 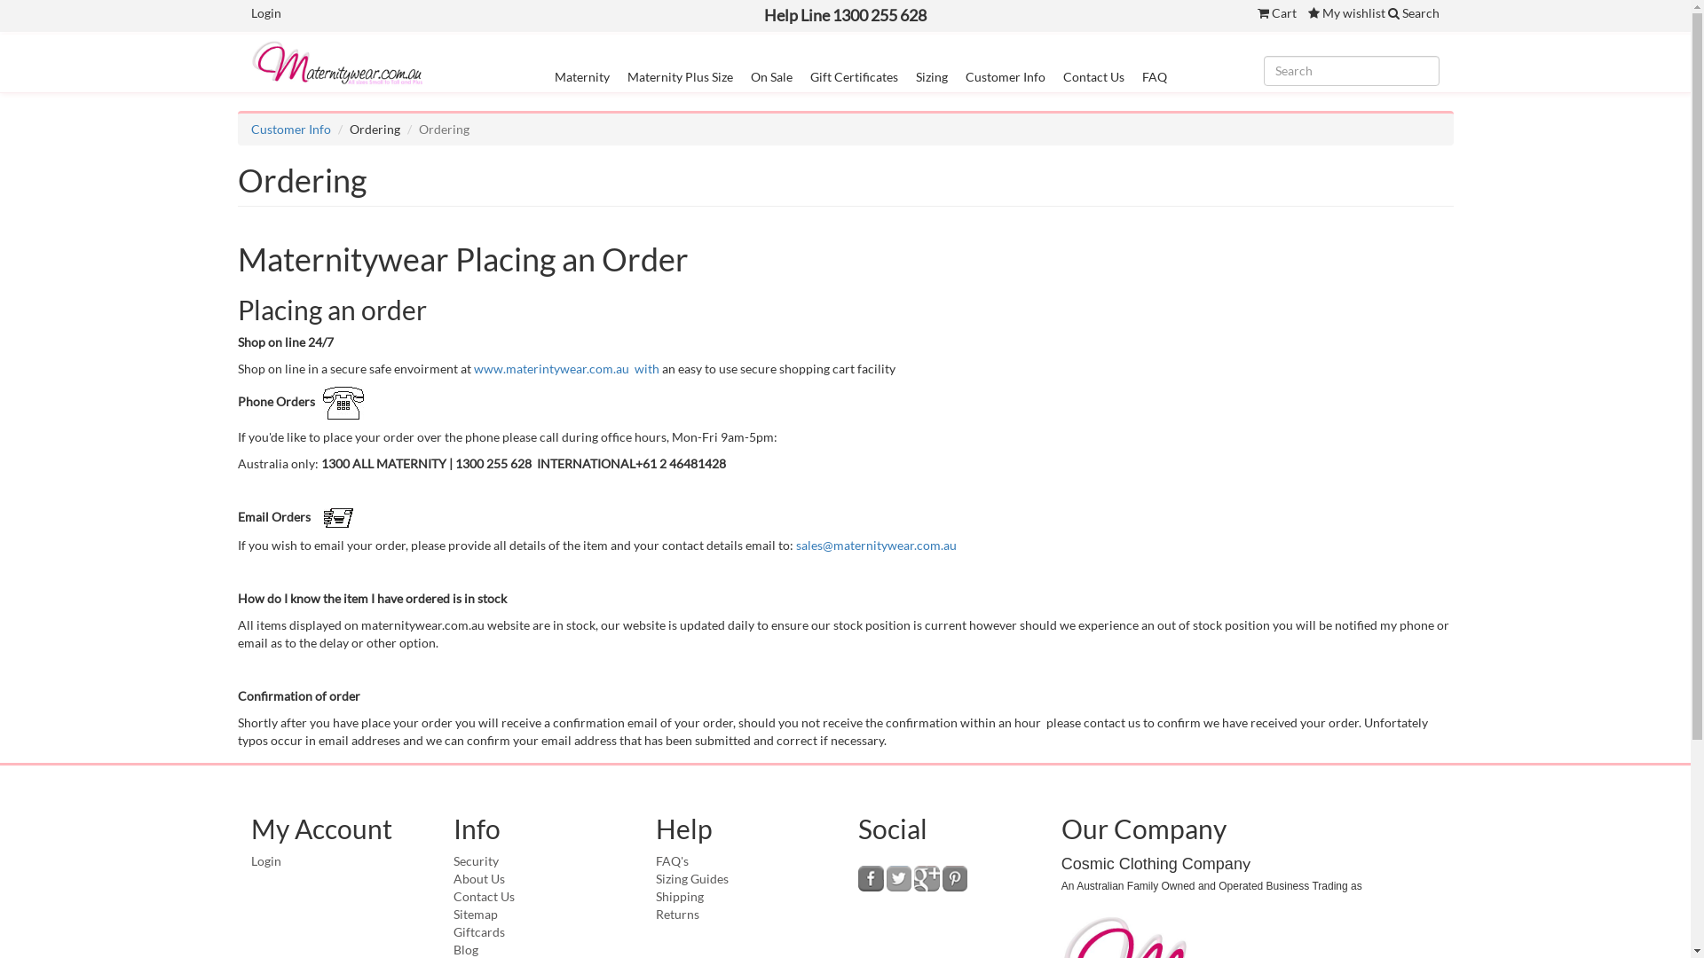 I want to click on 'Twitter', so click(x=899, y=878).